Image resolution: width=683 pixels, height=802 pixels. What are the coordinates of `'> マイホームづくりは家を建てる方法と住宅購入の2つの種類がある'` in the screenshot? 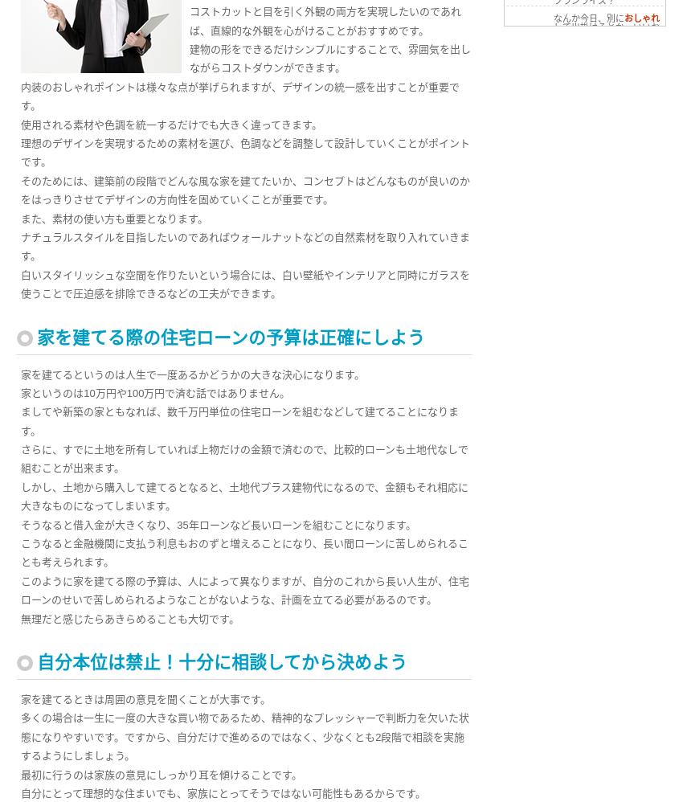 It's located at (586, 109).